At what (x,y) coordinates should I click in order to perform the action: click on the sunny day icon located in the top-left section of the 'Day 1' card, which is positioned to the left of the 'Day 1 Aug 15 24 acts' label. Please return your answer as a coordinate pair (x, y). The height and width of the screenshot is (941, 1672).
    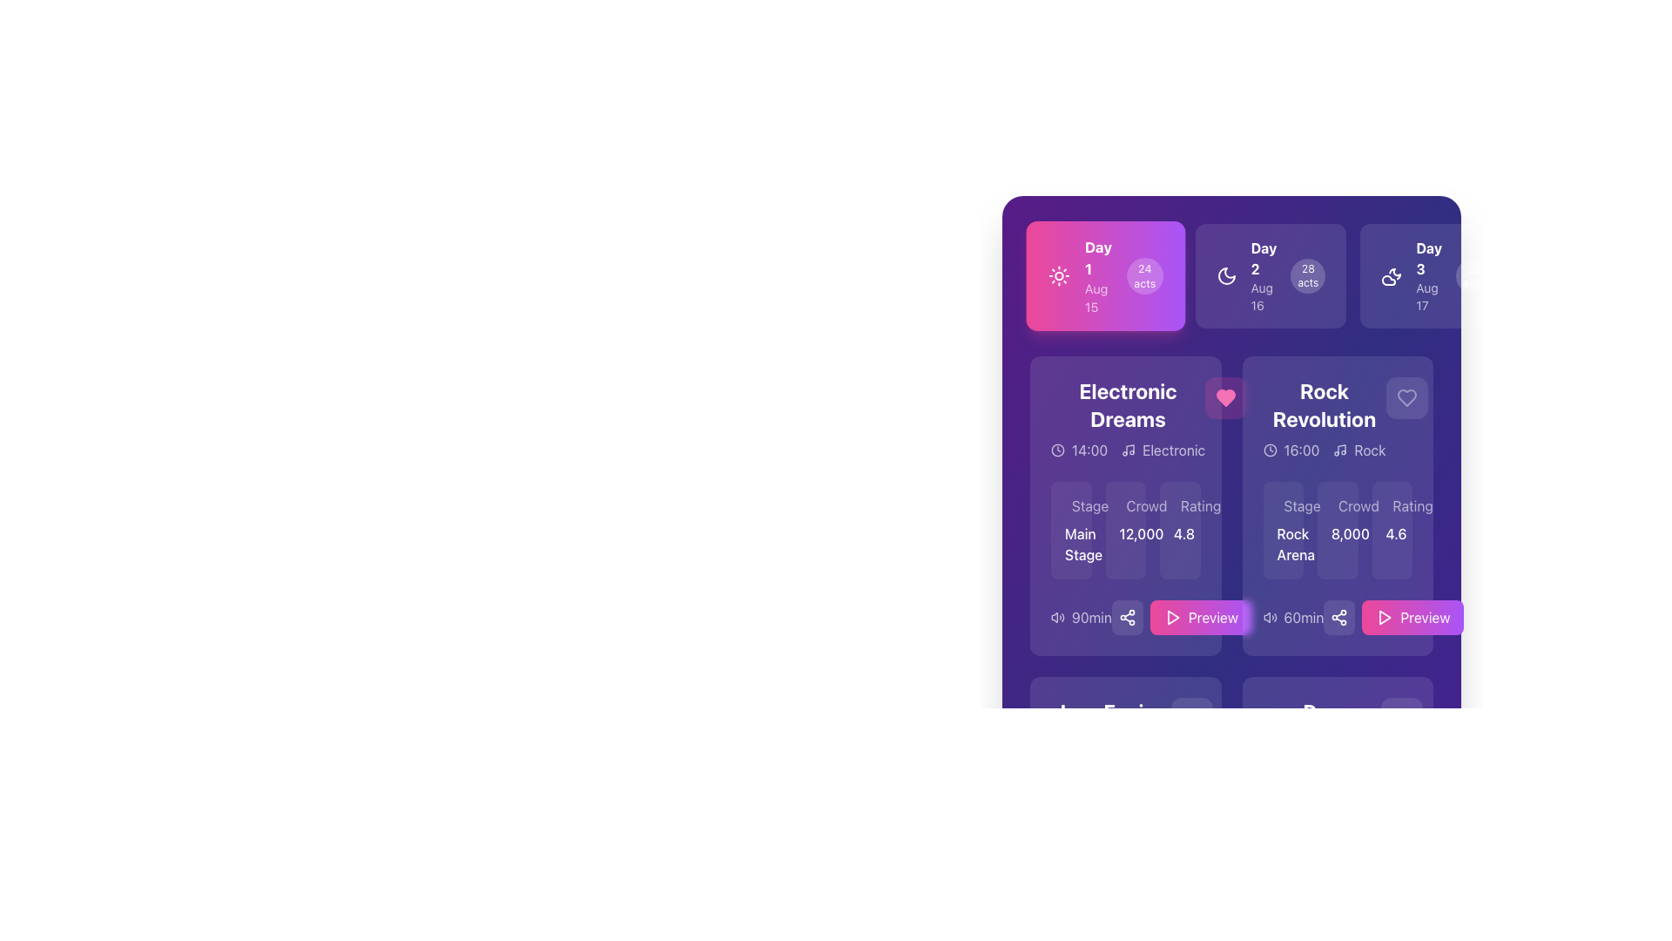
    Looking at the image, I should click on (1058, 274).